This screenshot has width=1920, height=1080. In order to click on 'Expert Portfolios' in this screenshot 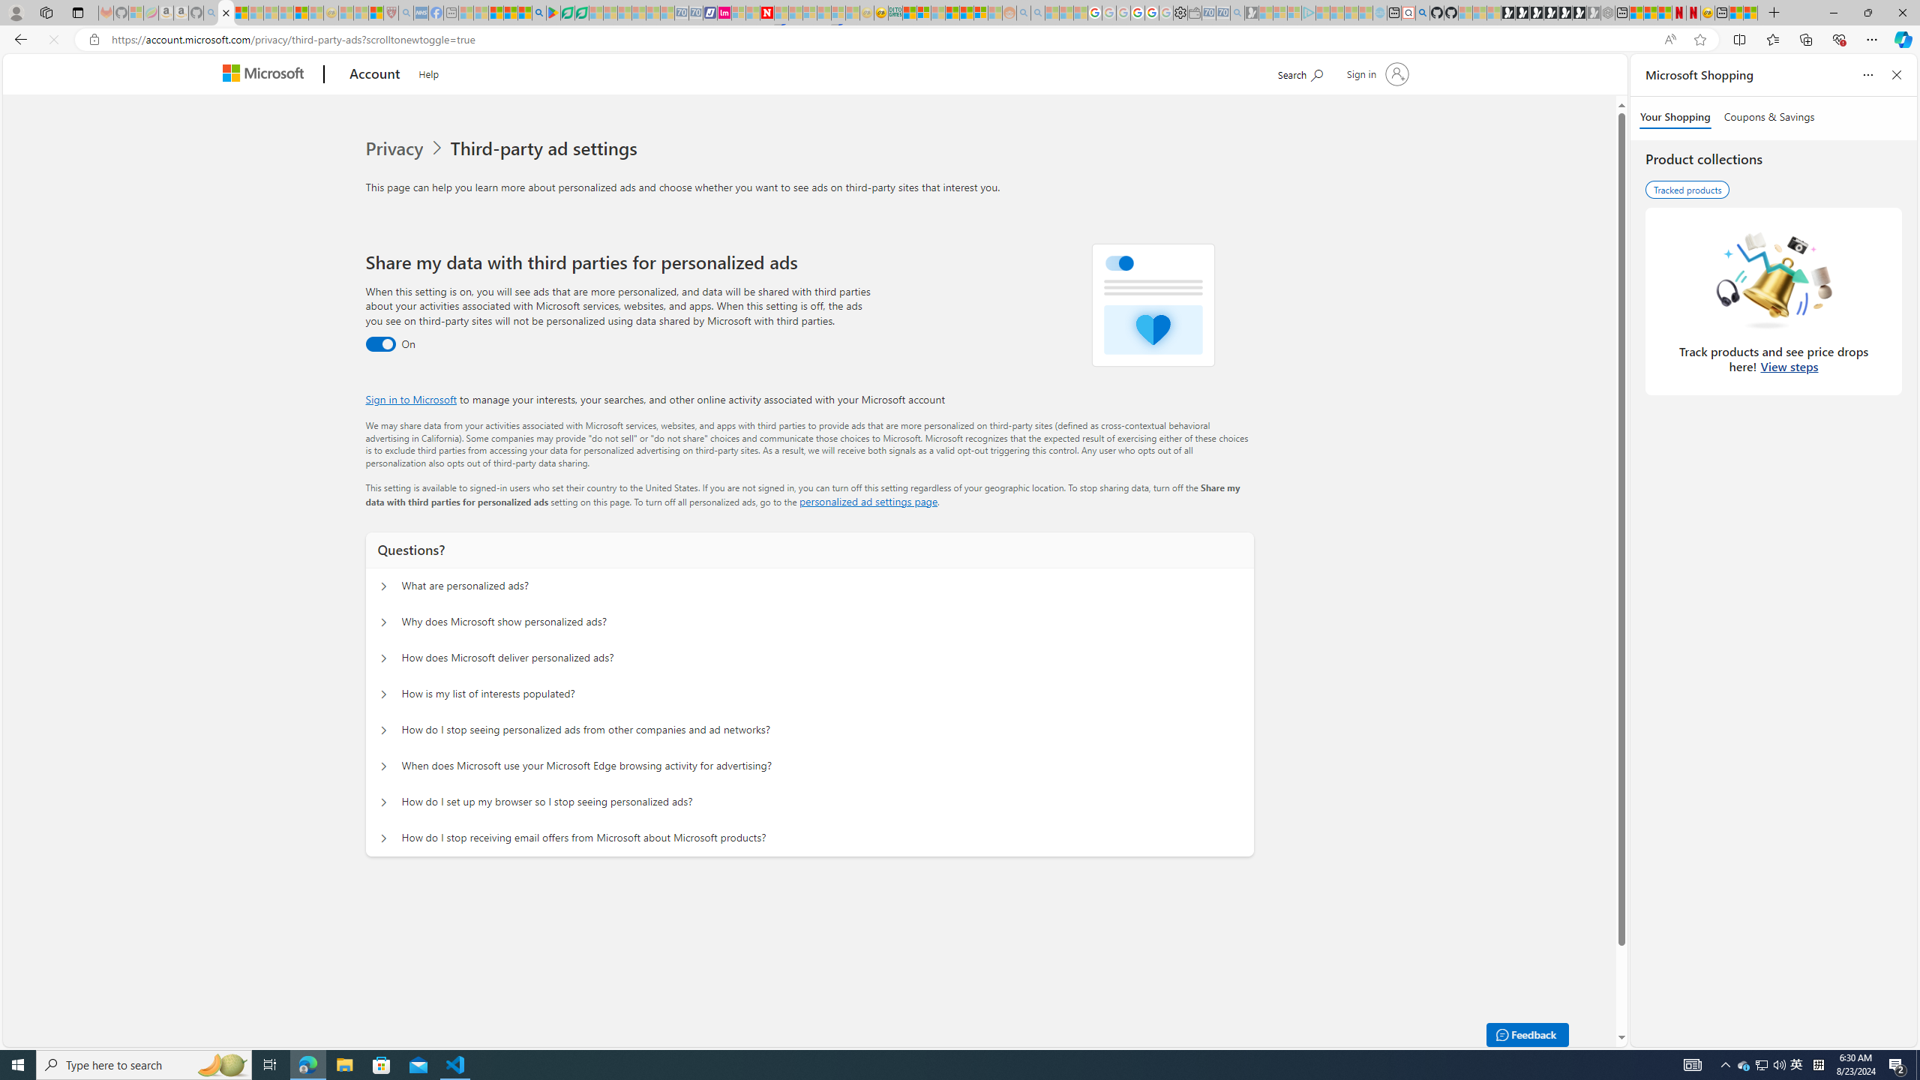, I will do `click(951, 12)`.